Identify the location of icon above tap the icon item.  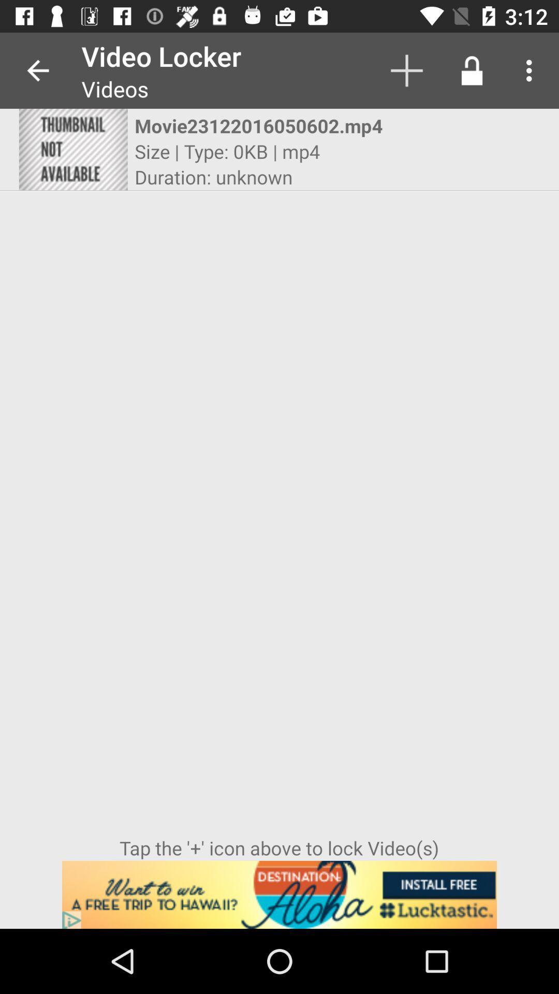
(72, 149).